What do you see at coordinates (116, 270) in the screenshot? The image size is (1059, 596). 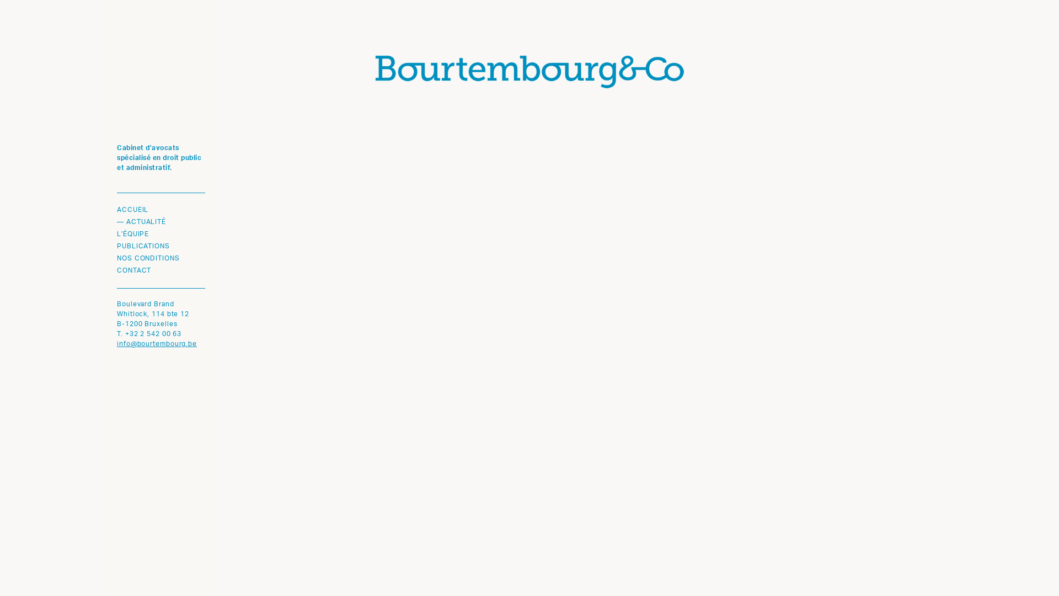 I see `'CONTACT'` at bounding box center [116, 270].